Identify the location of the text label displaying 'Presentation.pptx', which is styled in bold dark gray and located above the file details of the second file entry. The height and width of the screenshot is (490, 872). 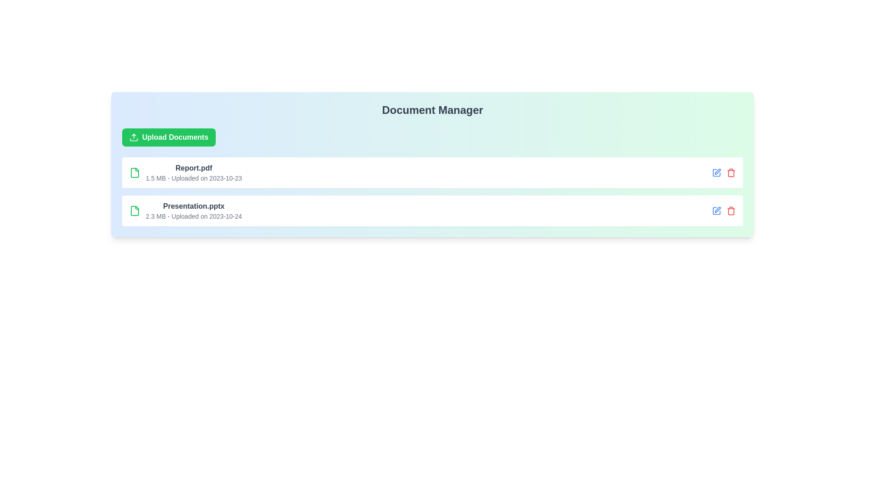
(193, 206).